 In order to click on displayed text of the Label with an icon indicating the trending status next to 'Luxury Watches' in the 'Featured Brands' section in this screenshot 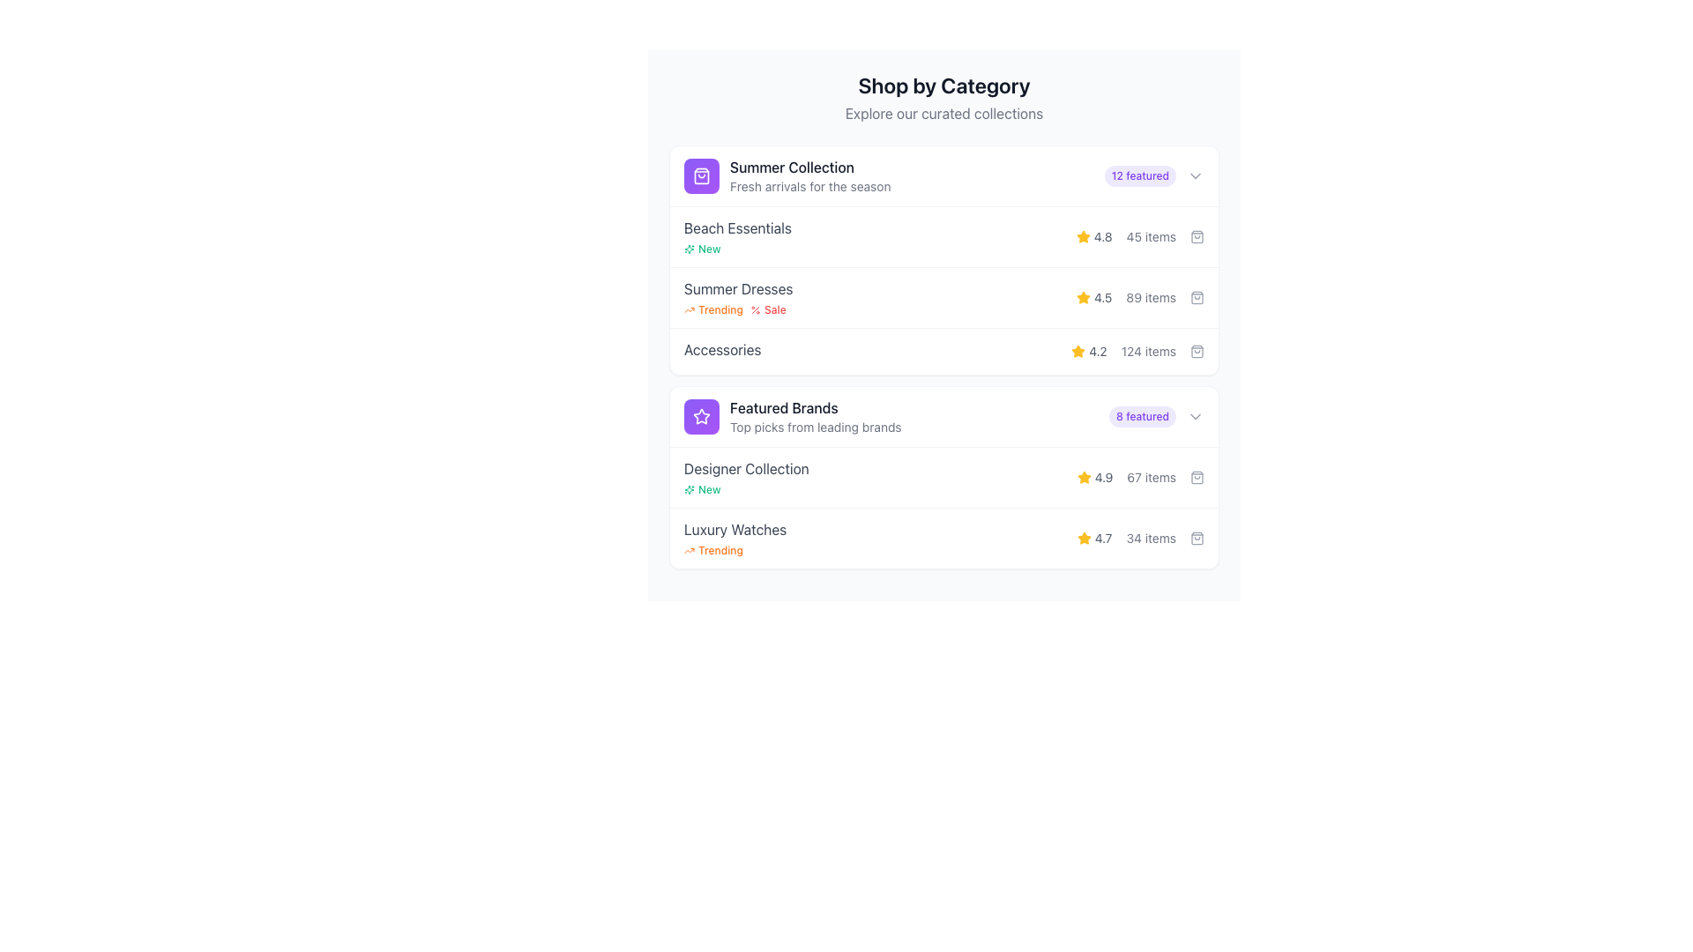, I will do `click(713, 549)`.